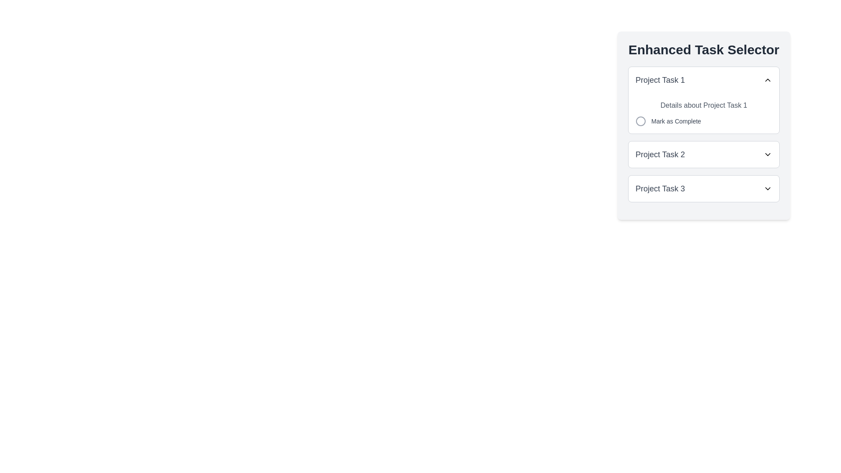  What do you see at coordinates (704, 50) in the screenshot?
I see `the text label or header that serves as the title for the task management section, located at the top of the component and centered horizontally above the task list` at bounding box center [704, 50].